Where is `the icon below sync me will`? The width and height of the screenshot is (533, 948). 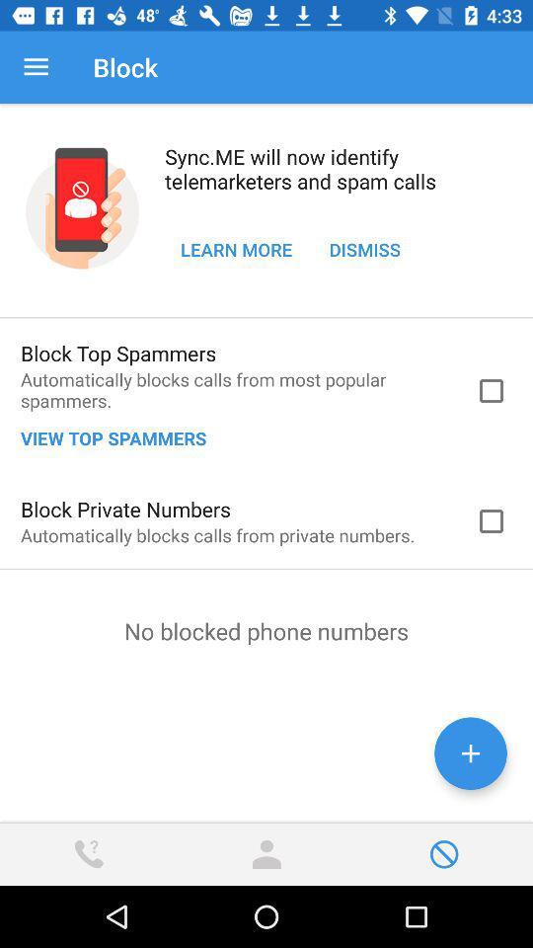
the icon below sync me will is located at coordinates (363, 248).